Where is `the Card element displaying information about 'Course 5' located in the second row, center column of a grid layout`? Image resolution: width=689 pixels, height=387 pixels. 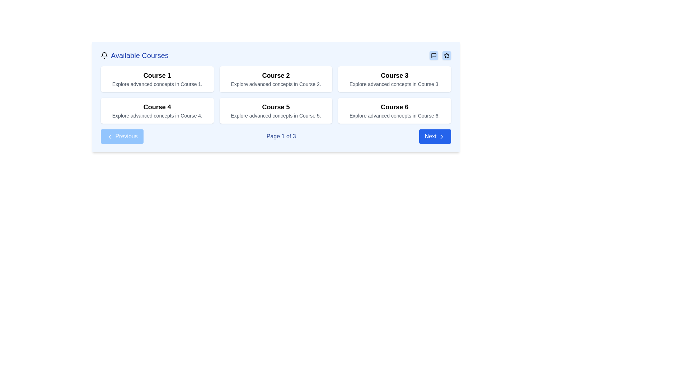 the Card element displaying information about 'Course 5' located in the second row, center column of a grid layout is located at coordinates (275, 110).